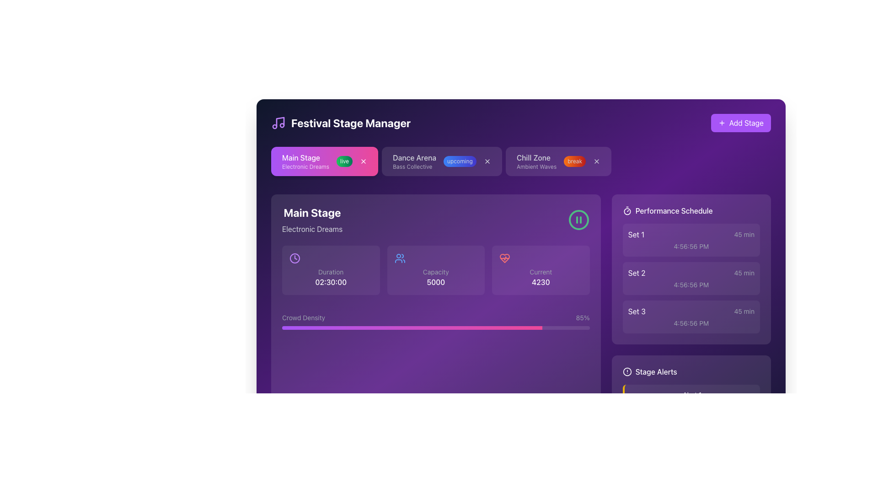 The height and width of the screenshot is (494, 878). What do you see at coordinates (278, 123) in the screenshot?
I see `the purple music icon consisting of two connected musical notes, located to the left of the text 'Festival Stage Manager' in the header section` at bounding box center [278, 123].